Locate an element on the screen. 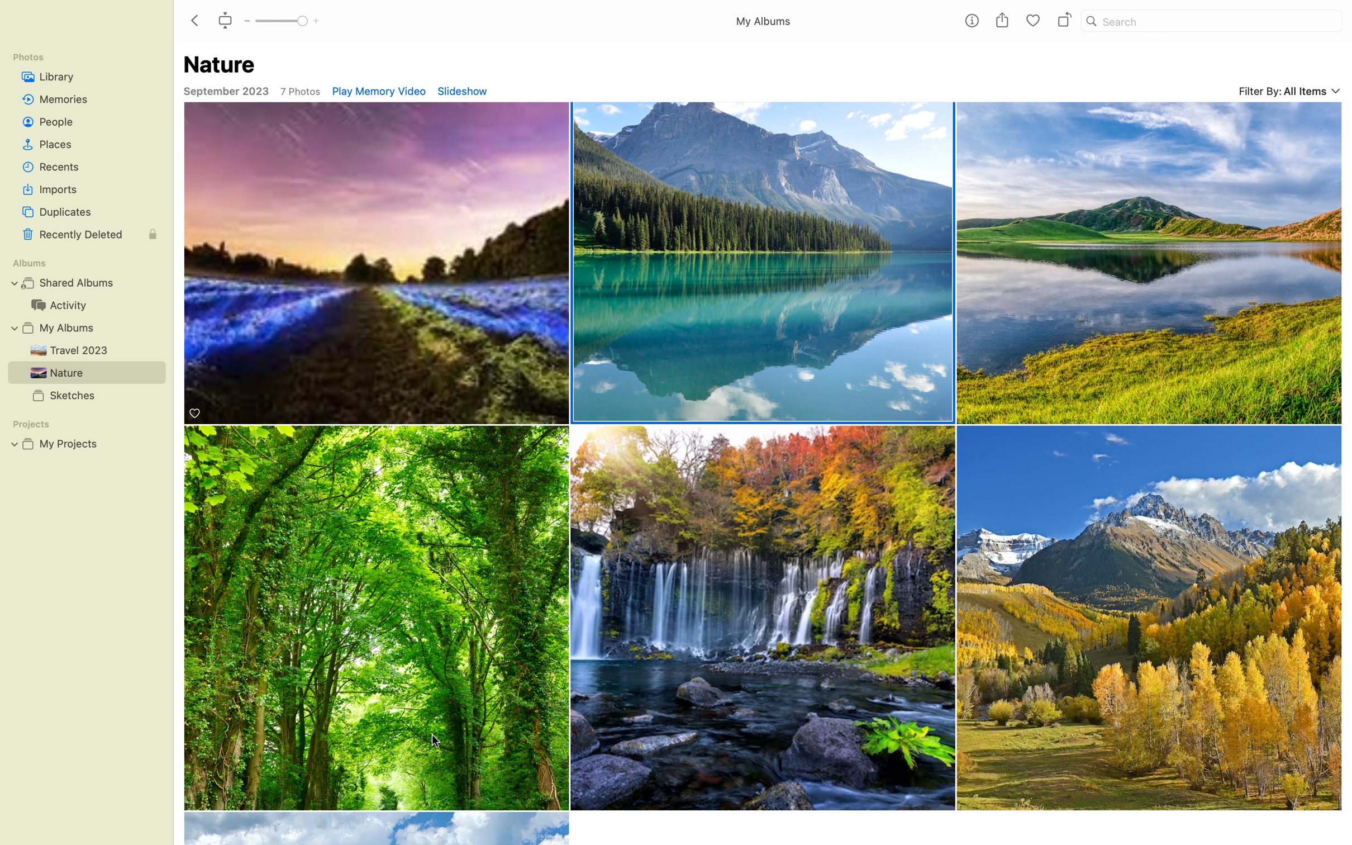 This screenshot has height=845, width=1352. Go to the Travel album and scroll down to see all pictures is located at coordinates (84, 349).